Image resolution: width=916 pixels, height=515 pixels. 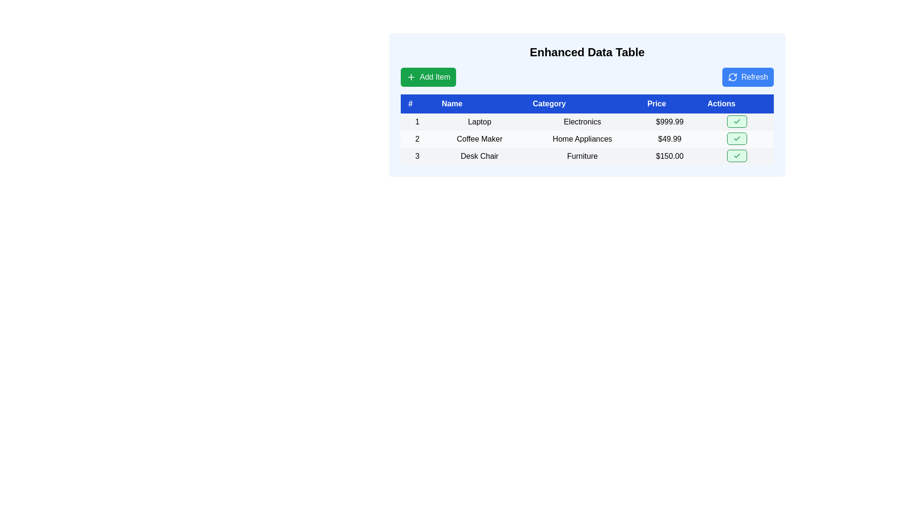 What do you see at coordinates (669, 155) in the screenshot?
I see `the Text Label displaying the price of the 'Desk Chair' in the fourth column of the third row of the table` at bounding box center [669, 155].